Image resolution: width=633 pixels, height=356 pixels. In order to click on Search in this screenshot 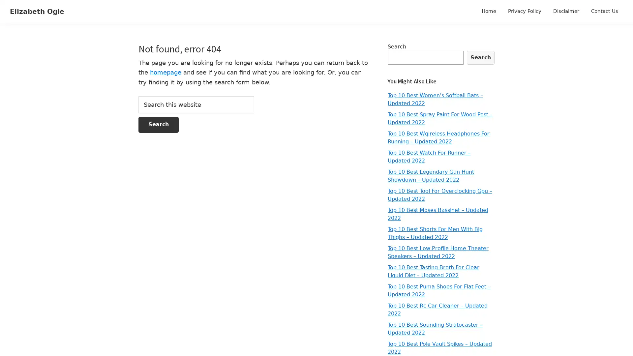, I will do `click(481, 57)`.